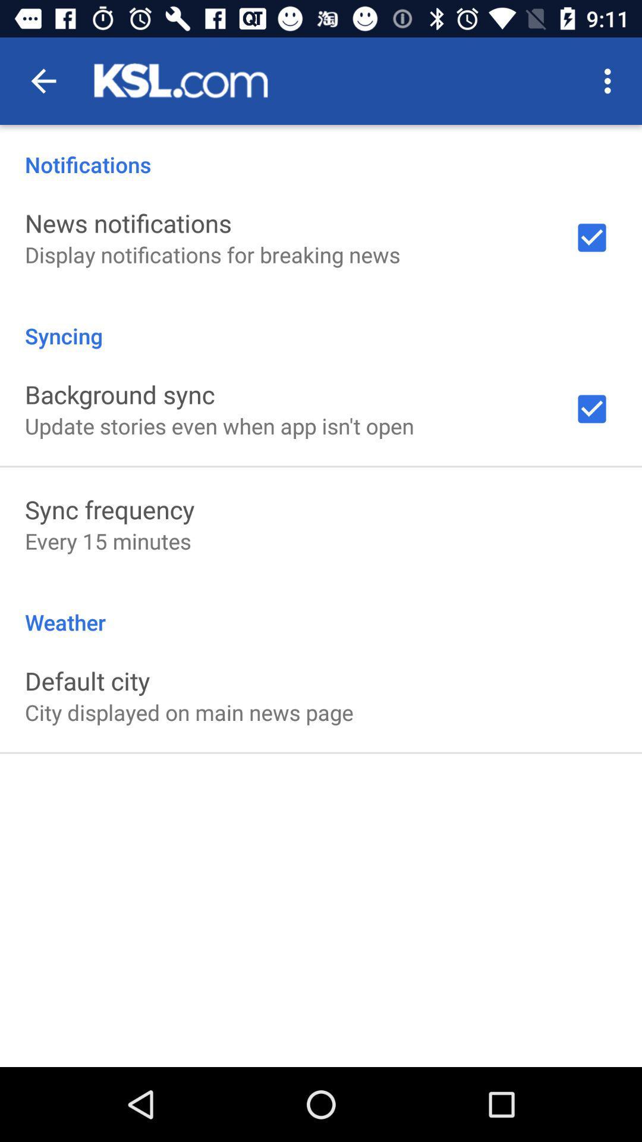  What do you see at coordinates (219, 426) in the screenshot?
I see `the icon above the sync frequency item` at bounding box center [219, 426].